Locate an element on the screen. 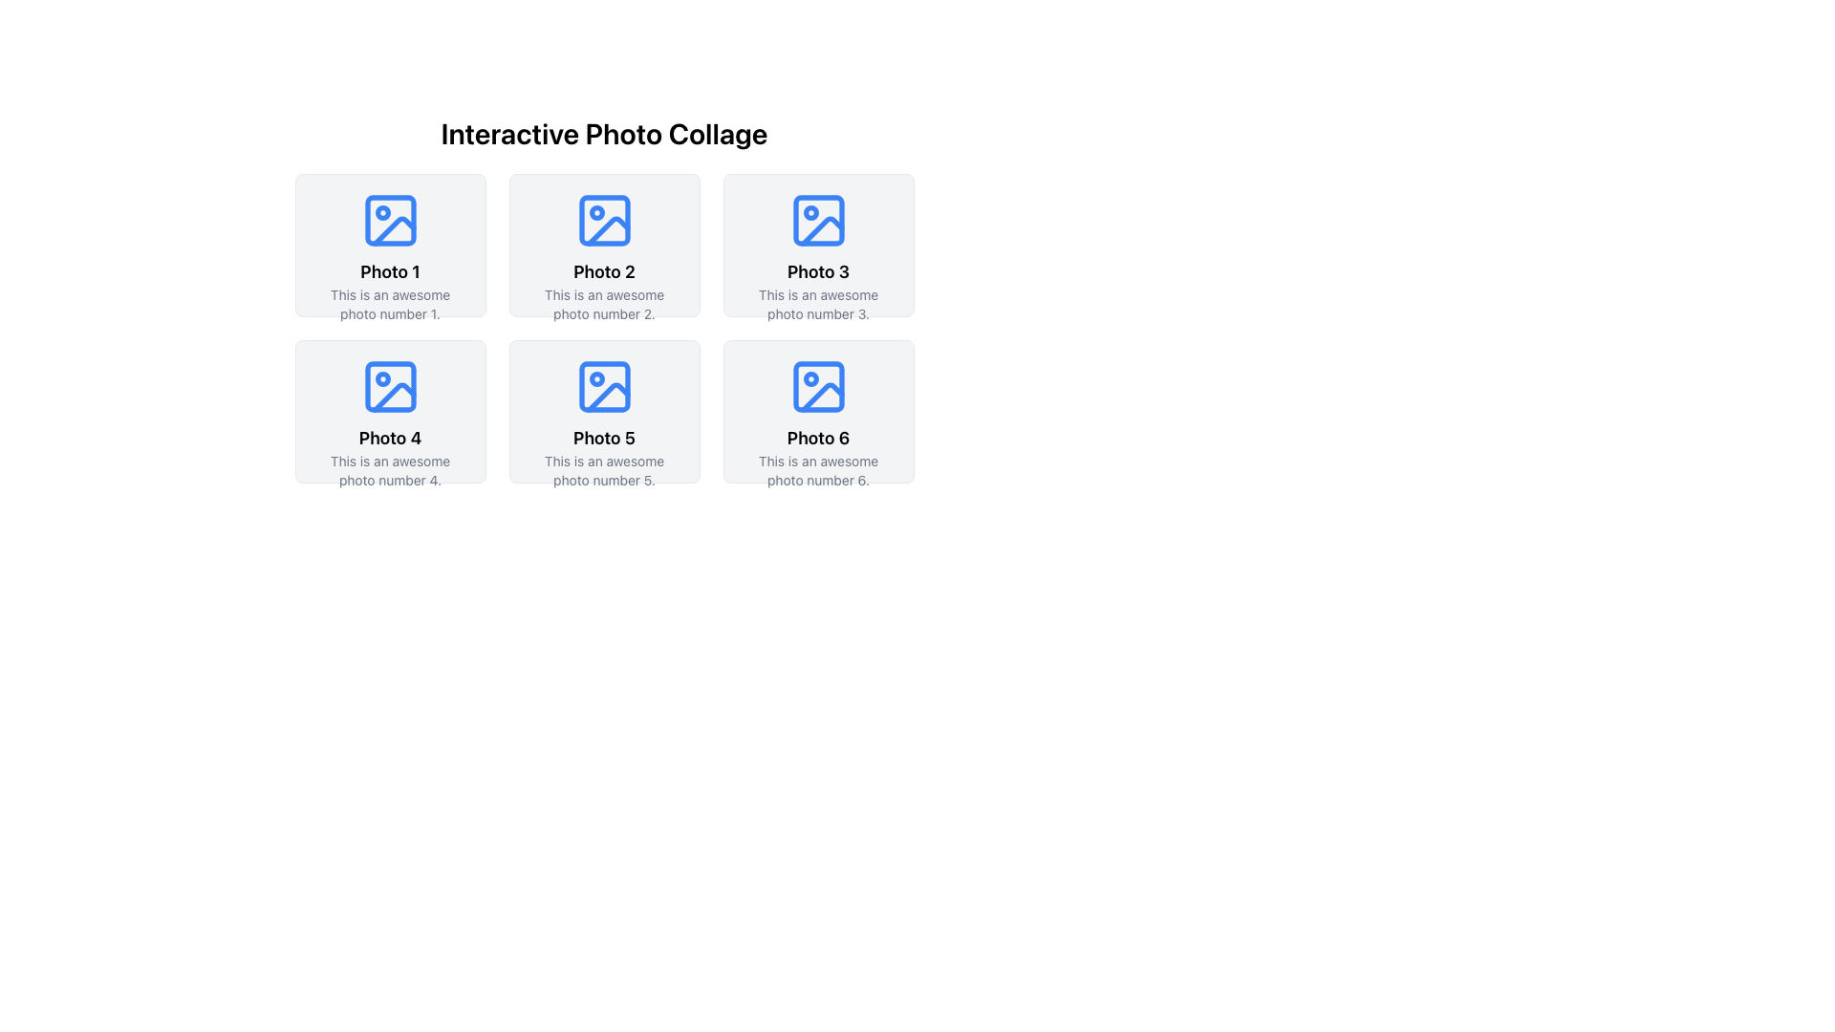  the Vector graphic element located in the bottom-right of a 2x3 grid layout, specifically inside the last image icon labeled 'Photo 6' is located at coordinates (822, 397).